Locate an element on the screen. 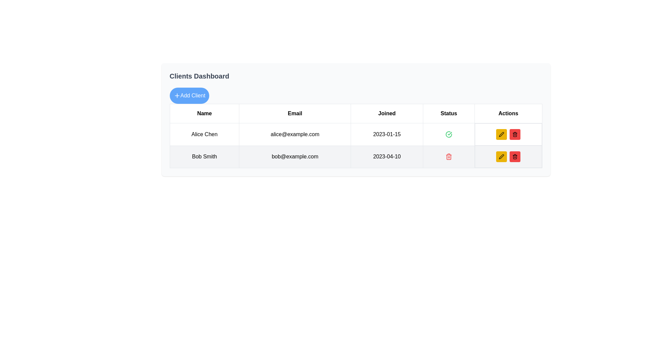 This screenshot has height=364, width=648. the static text element displaying the email address 'bob@example.com', which is located in the second cell of the second row under the 'Email' column is located at coordinates (295, 157).